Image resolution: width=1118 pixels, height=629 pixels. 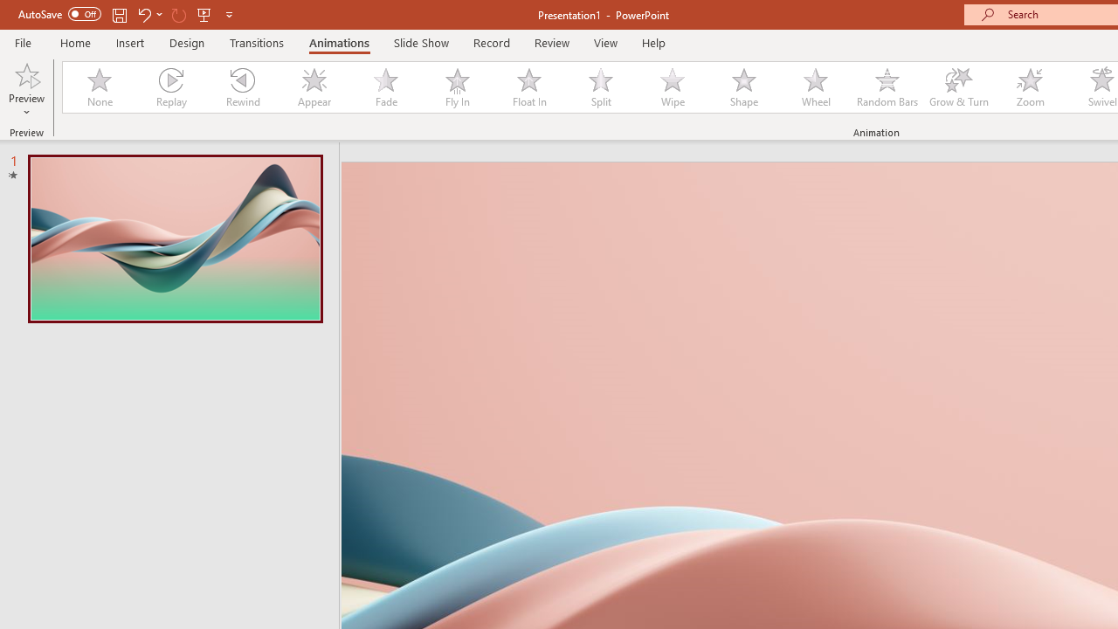 I want to click on 'Save', so click(x=118, y=14).